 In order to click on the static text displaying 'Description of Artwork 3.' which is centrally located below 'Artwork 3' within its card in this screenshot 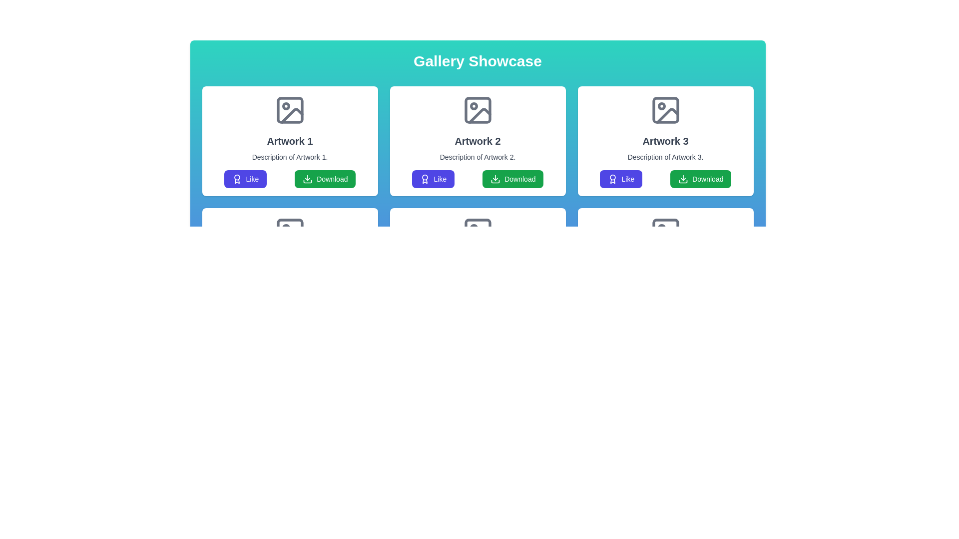, I will do `click(665, 157)`.